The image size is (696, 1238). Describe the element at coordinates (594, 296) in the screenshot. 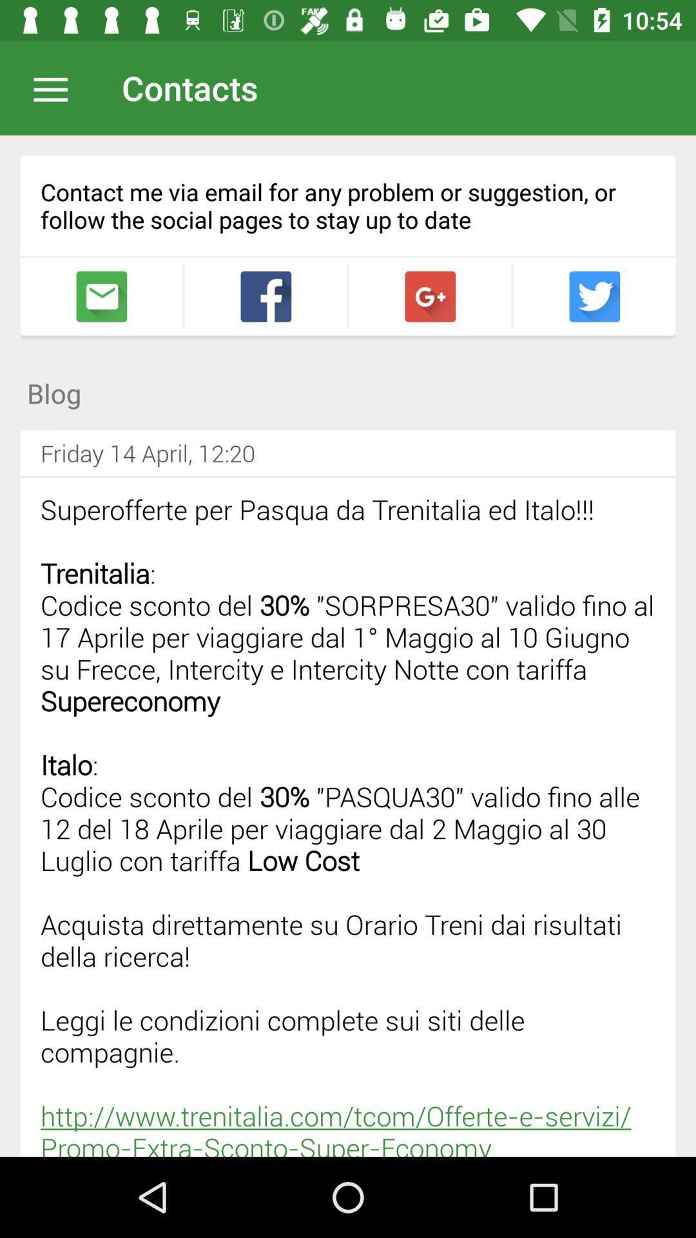

I see `follow on twitter` at that location.